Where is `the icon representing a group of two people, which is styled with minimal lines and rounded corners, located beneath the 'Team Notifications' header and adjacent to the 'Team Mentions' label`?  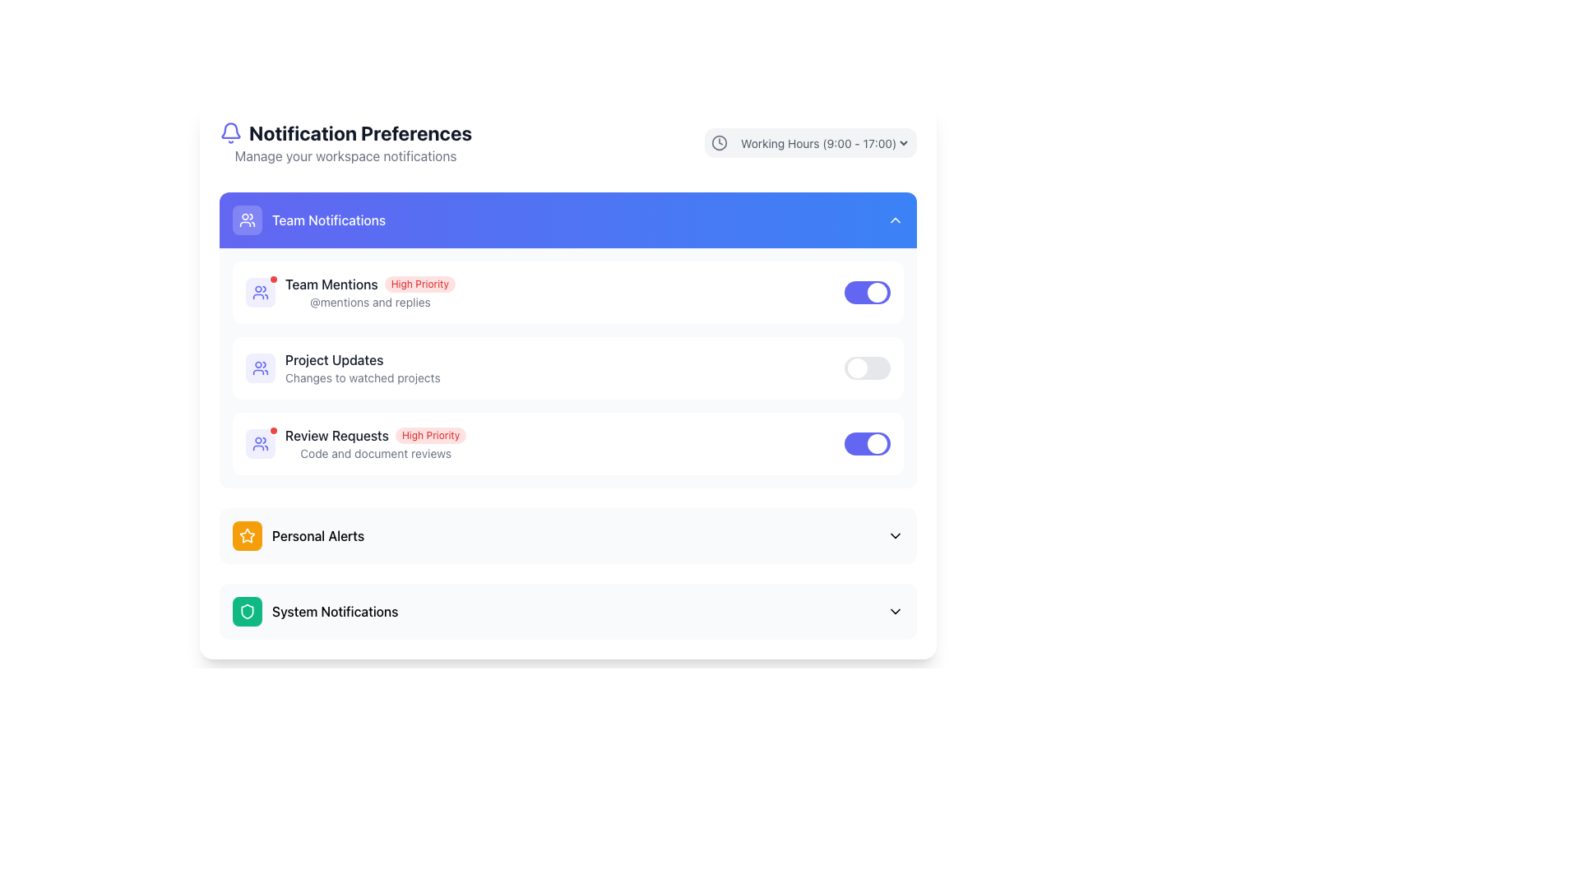
the icon representing a group of two people, which is styled with minimal lines and rounded corners, located beneath the 'Team Notifications' header and adjacent to the 'Team Mentions' label is located at coordinates (259, 291).